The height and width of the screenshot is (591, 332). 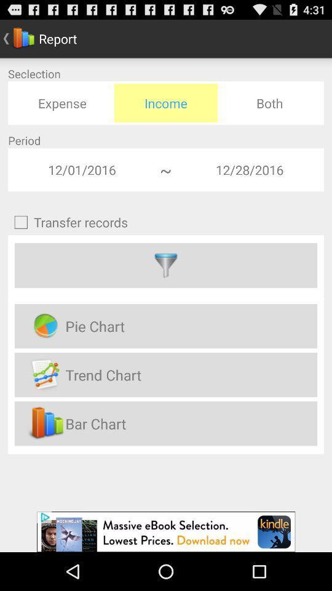 I want to click on filter icon, so click(x=166, y=265).